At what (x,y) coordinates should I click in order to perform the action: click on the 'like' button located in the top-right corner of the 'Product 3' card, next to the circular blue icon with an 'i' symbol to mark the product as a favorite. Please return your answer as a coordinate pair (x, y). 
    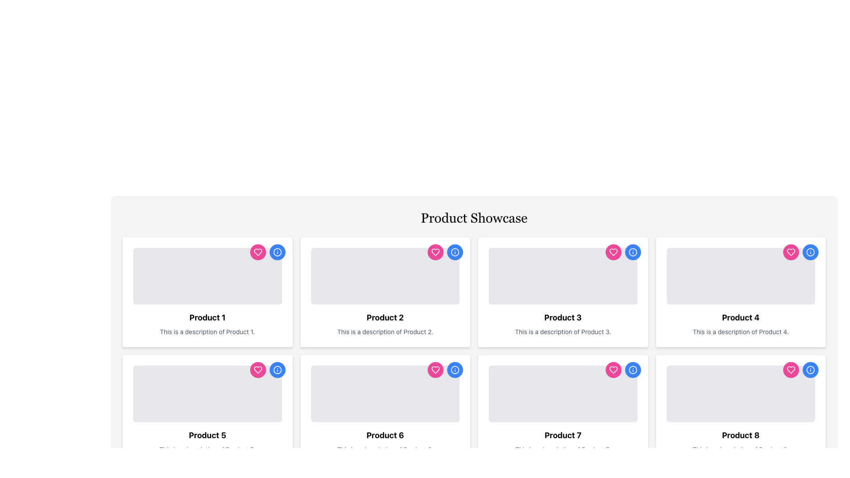
    Looking at the image, I should click on (613, 252).